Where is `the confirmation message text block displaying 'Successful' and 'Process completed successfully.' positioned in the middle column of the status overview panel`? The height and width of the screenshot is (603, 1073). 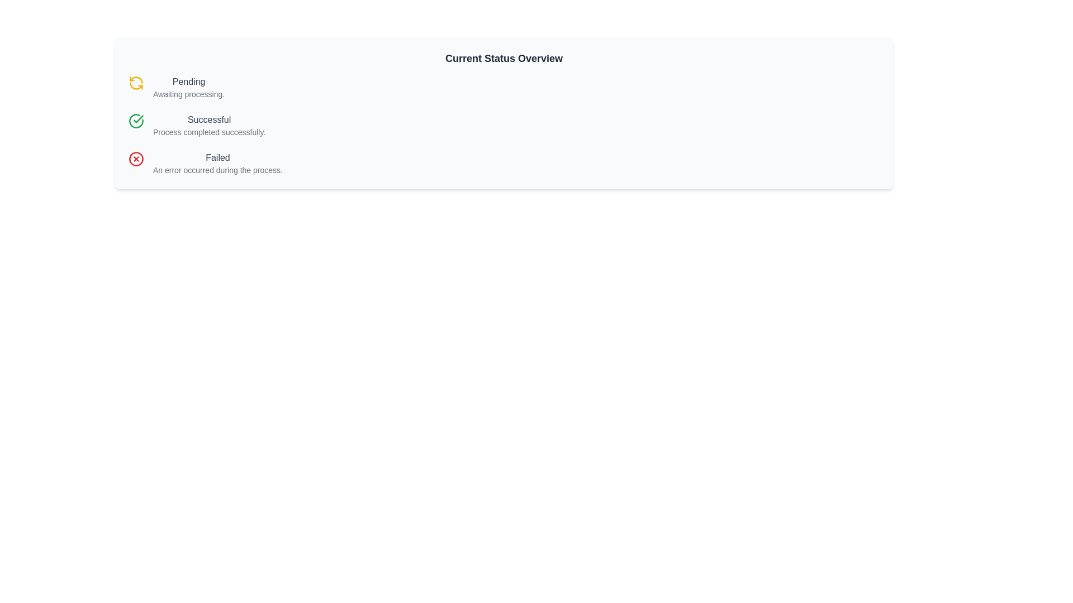
the confirmation message text block displaying 'Successful' and 'Process completed successfully.' positioned in the middle column of the status overview panel is located at coordinates (209, 125).